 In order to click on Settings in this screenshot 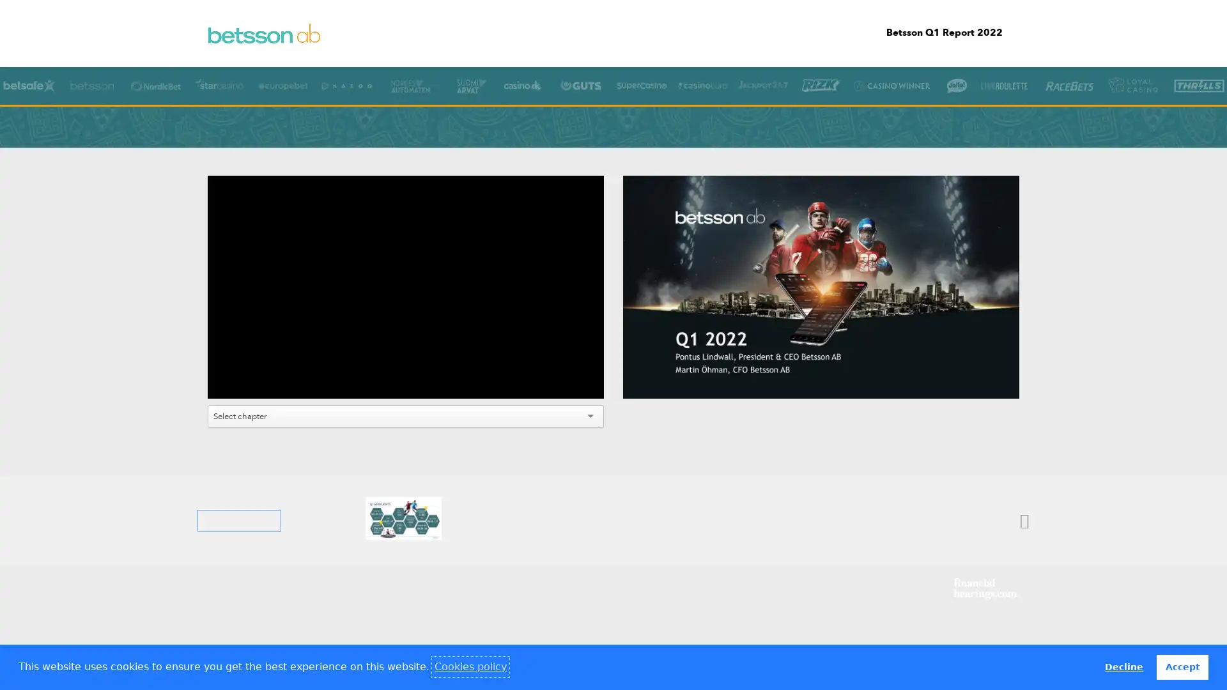, I will do `click(564, 378)`.